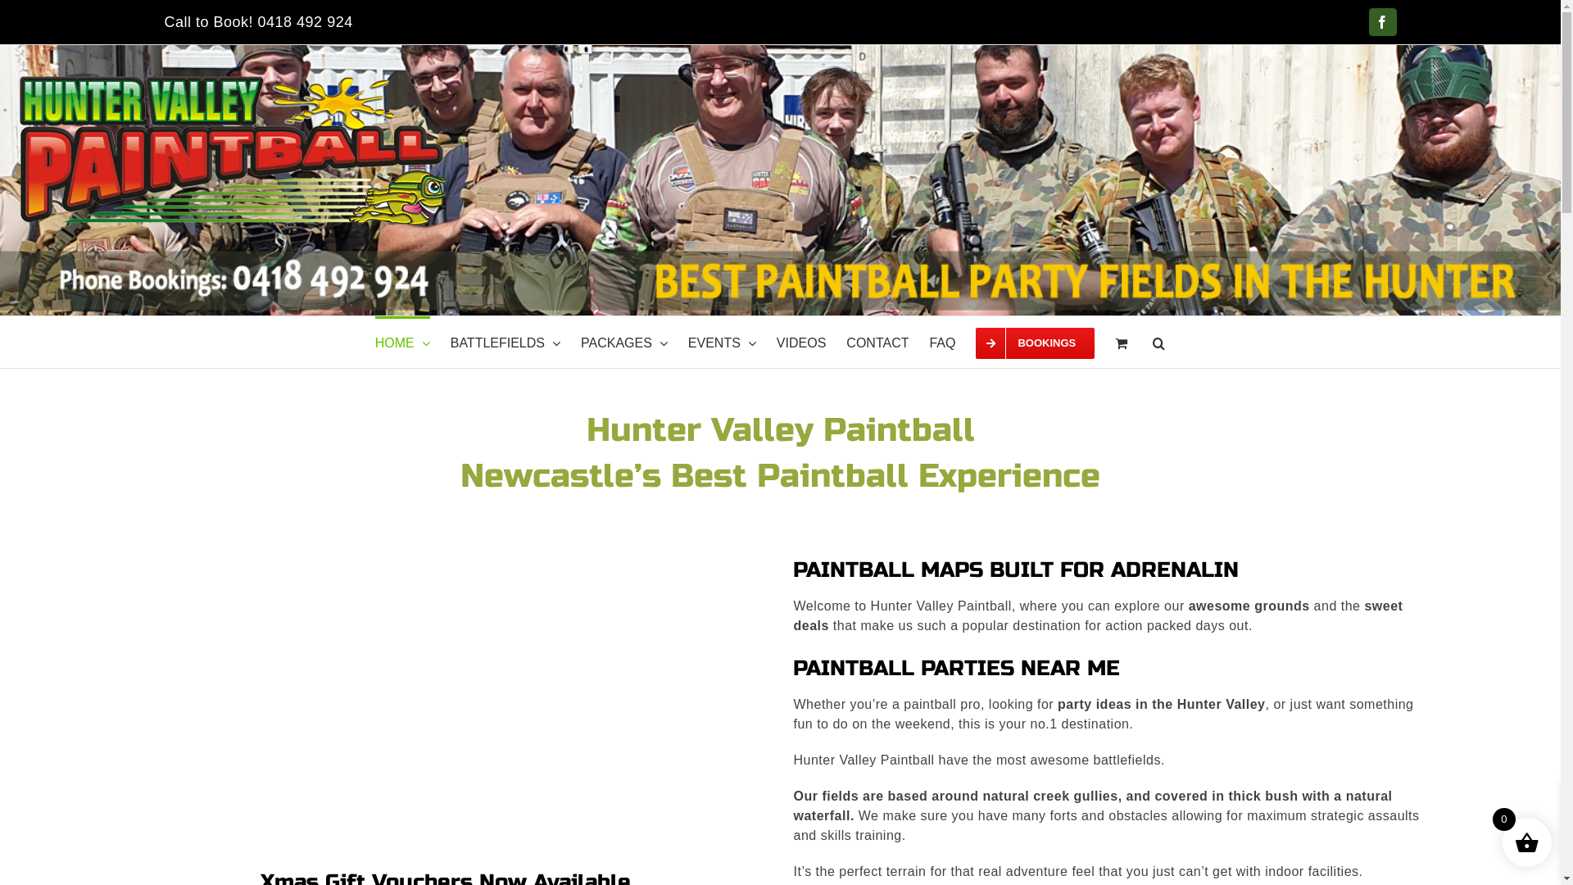 Image resolution: width=1573 pixels, height=885 pixels. Describe the element at coordinates (623, 341) in the screenshot. I see `'PACKAGES'` at that location.